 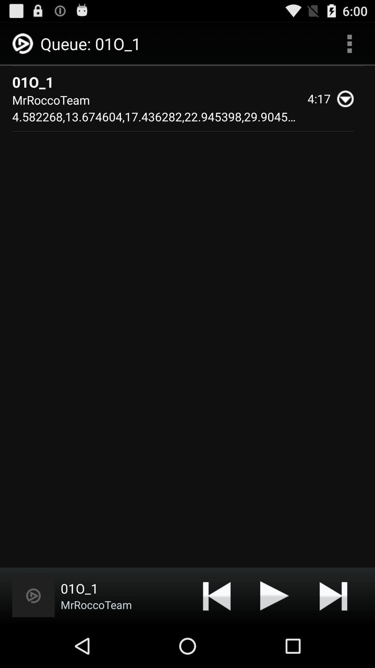 What do you see at coordinates (216, 595) in the screenshot?
I see `icon at the bottom` at bounding box center [216, 595].